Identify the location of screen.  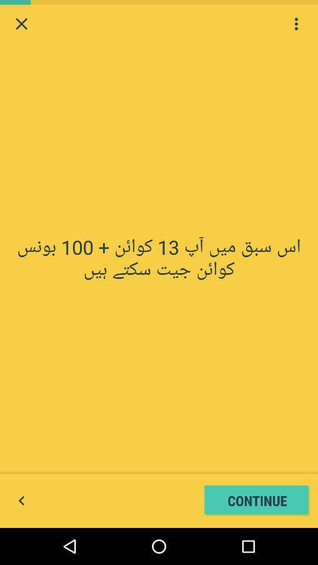
(21, 23).